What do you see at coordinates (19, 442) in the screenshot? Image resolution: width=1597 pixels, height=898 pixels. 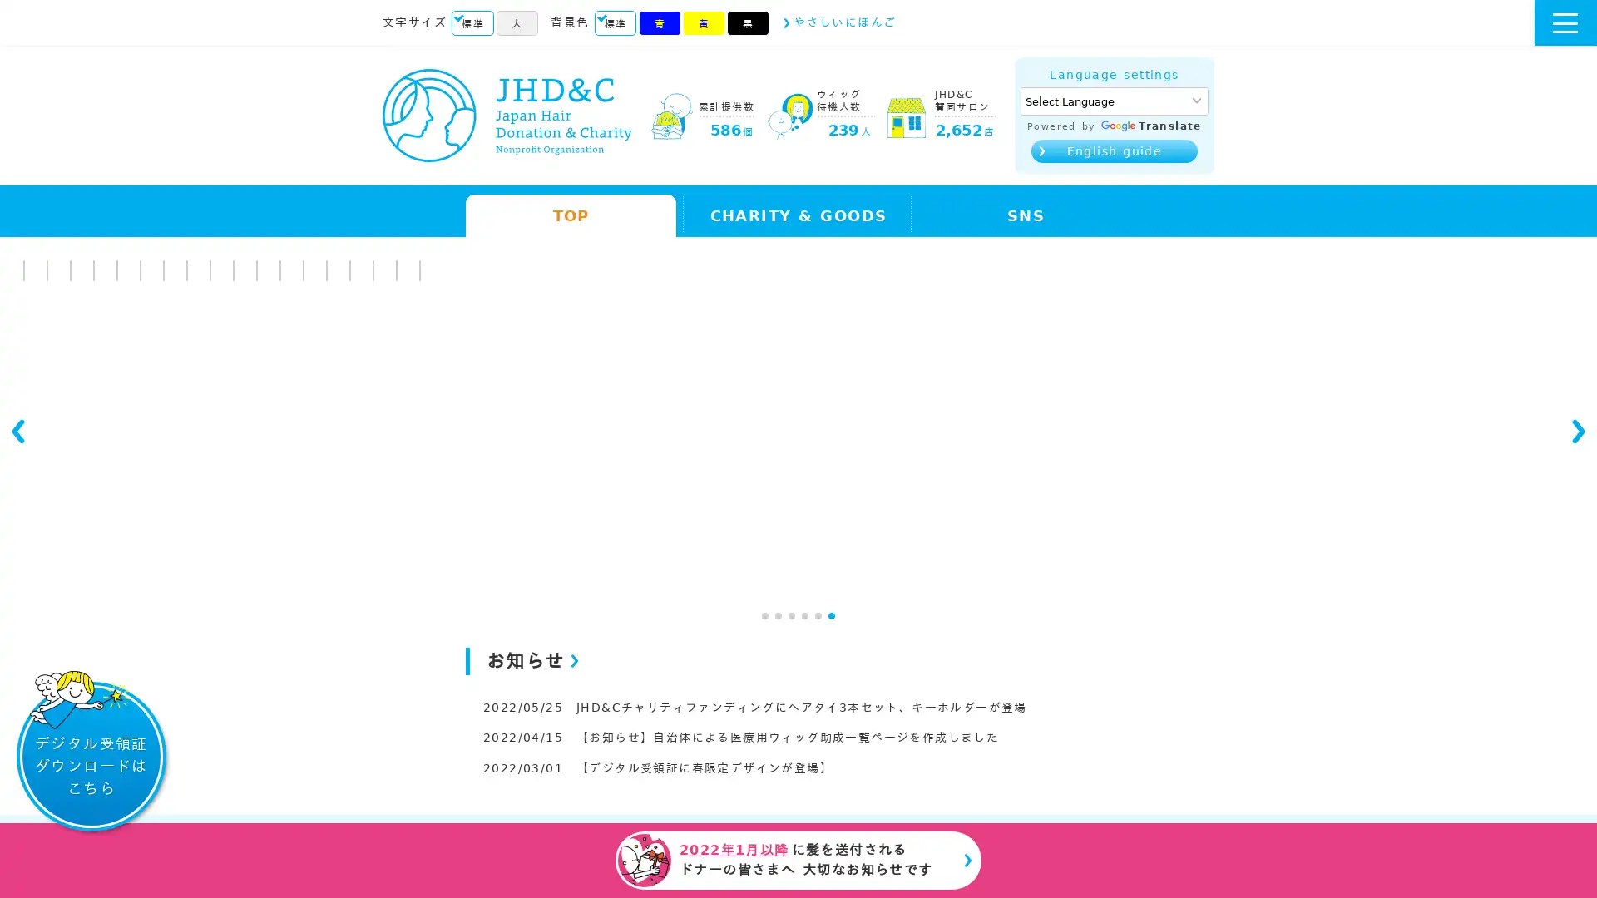 I see `Previous slide` at bounding box center [19, 442].